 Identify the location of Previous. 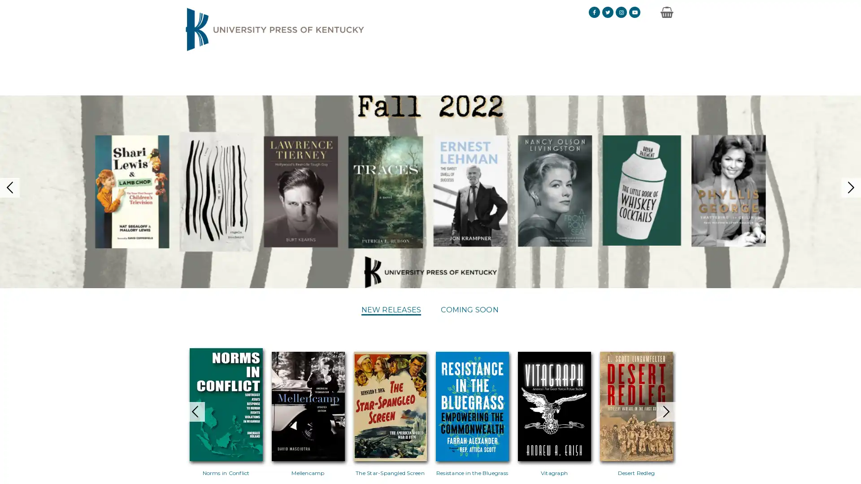
(176, 397).